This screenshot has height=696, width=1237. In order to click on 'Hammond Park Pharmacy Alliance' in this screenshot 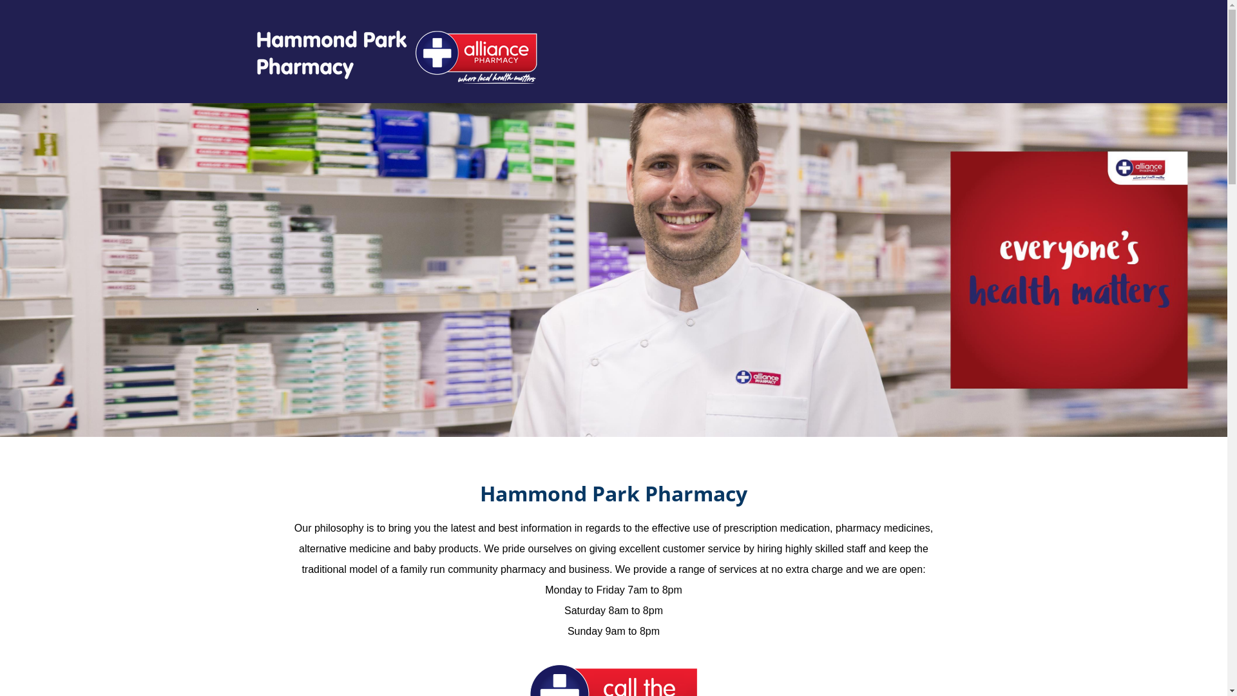, I will do `click(394, 56)`.